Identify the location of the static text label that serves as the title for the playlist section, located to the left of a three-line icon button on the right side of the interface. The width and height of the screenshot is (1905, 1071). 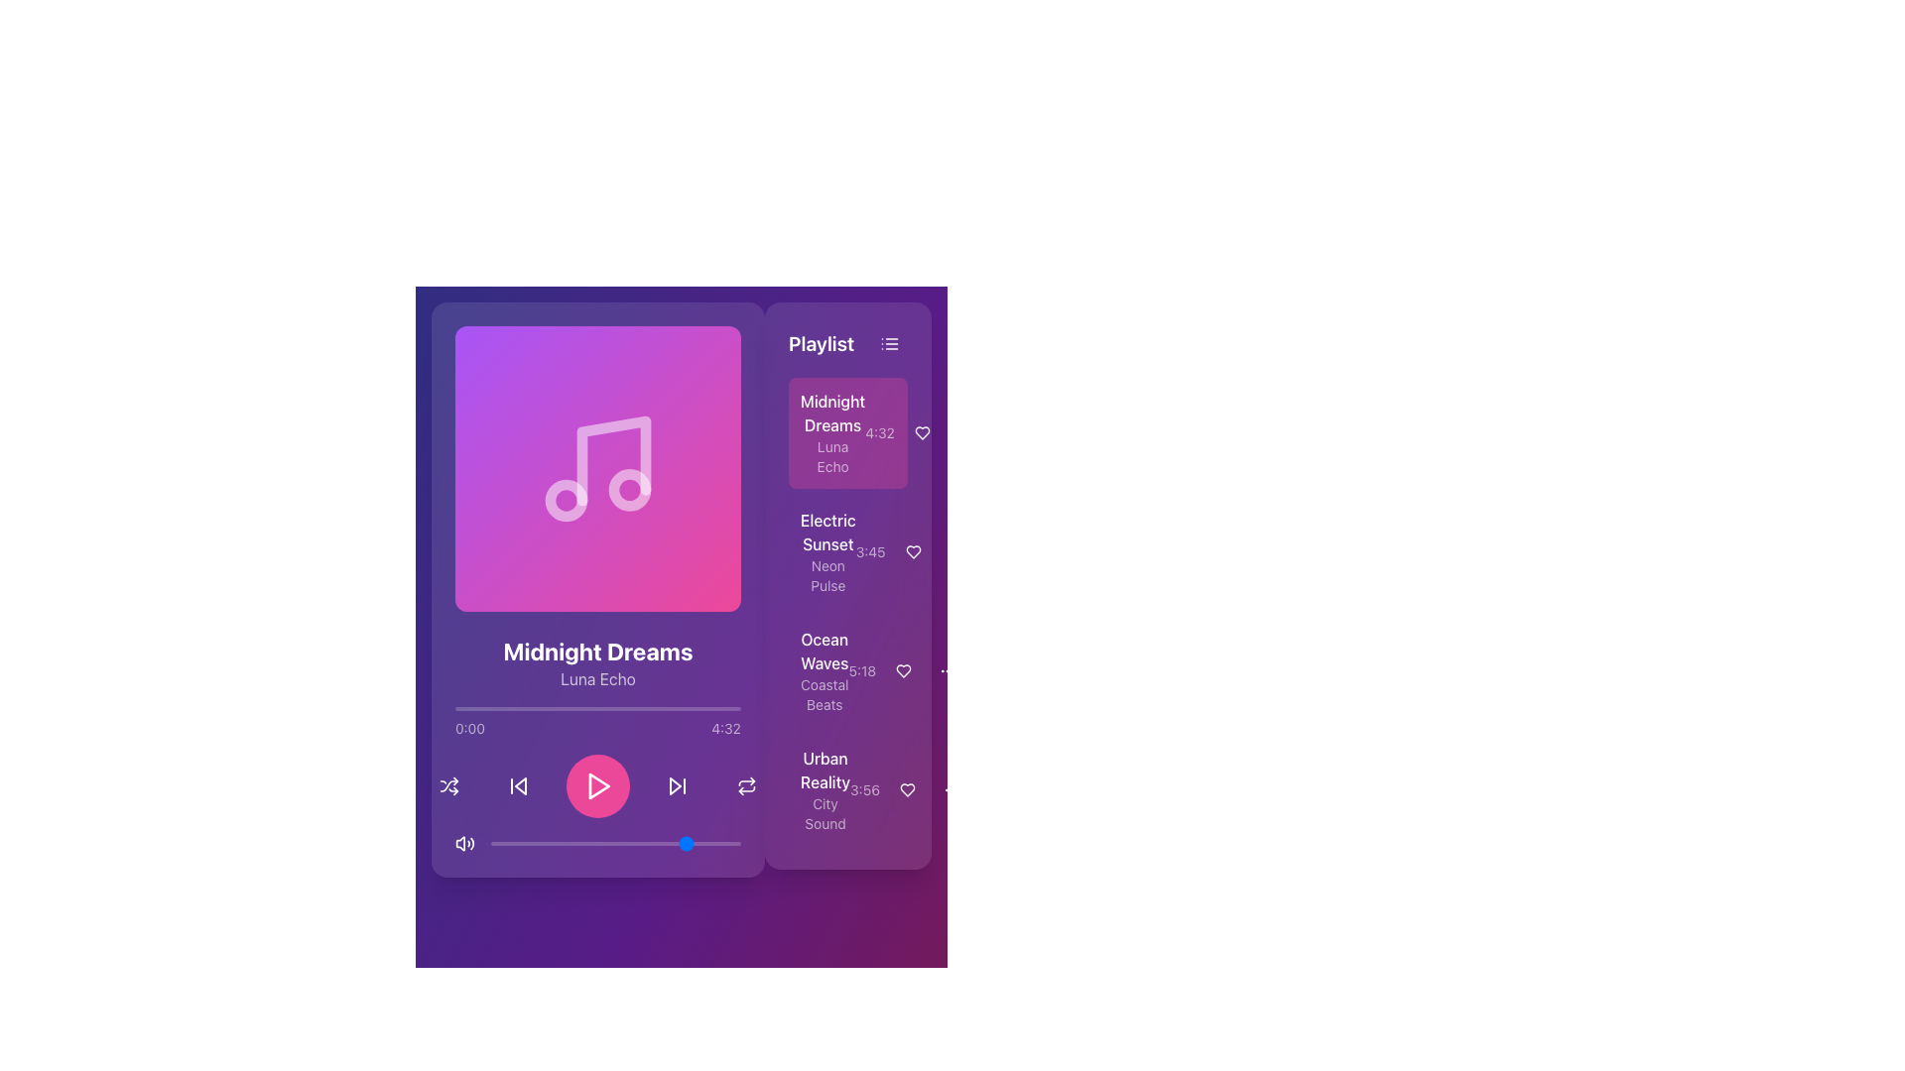
(822, 343).